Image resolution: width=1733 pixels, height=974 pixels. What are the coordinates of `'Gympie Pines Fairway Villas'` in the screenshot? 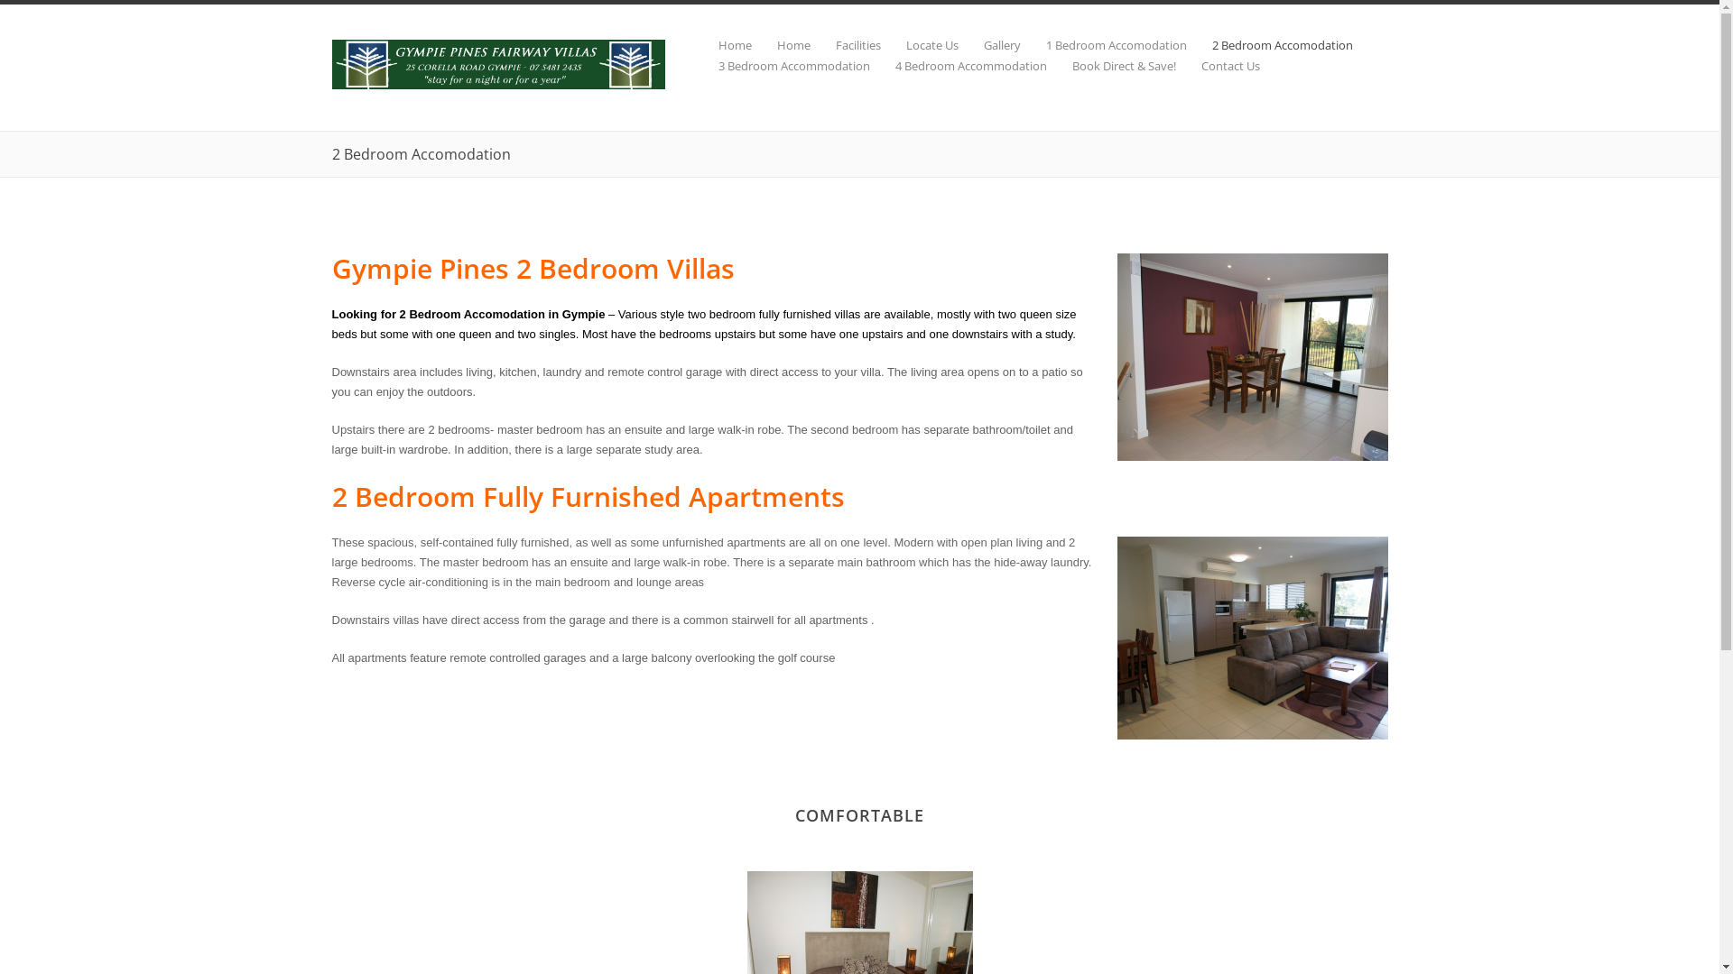 It's located at (498, 85).